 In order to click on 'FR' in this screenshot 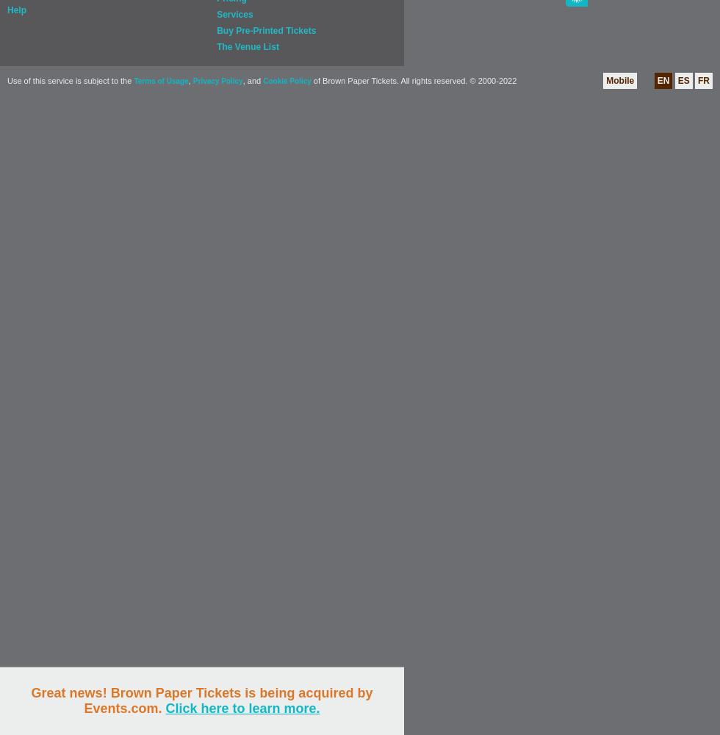, I will do `click(704, 80)`.